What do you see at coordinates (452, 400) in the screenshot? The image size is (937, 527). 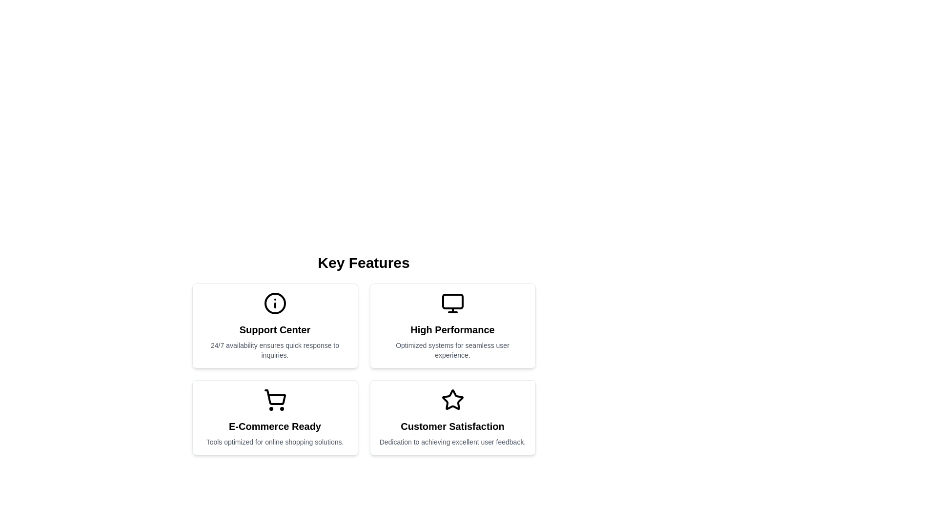 I see `the star-shaped icon with black outlines located in the 'Customer Satisfaction' section at the bottom-right of the 'Key Features' section` at bounding box center [452, 400].